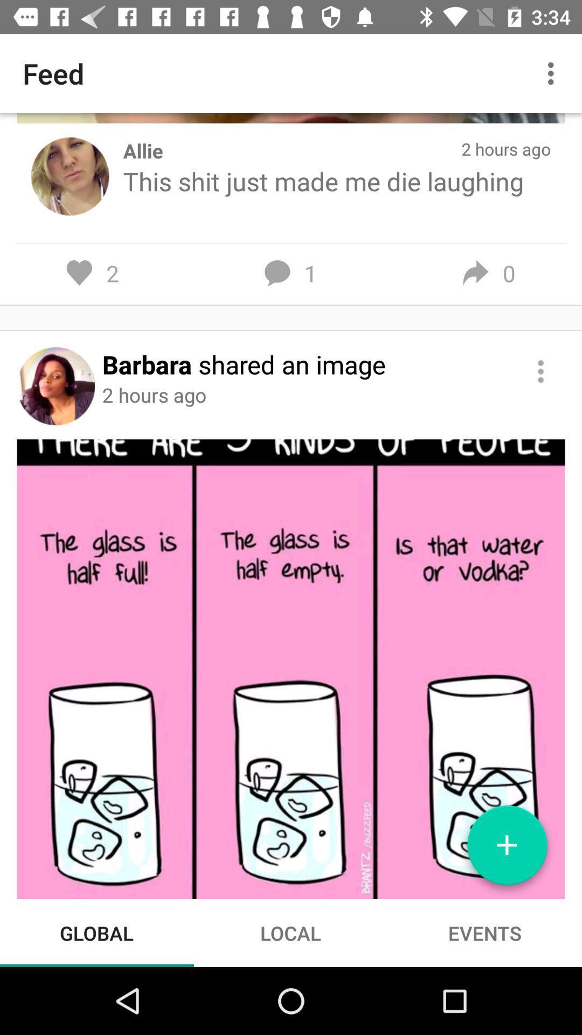 Image resolution: width=582 pixels, height=1035 pixels. Describe the element at coordinates (553, 73) in the screenshot. I see `the icon next to the feed` at that location.